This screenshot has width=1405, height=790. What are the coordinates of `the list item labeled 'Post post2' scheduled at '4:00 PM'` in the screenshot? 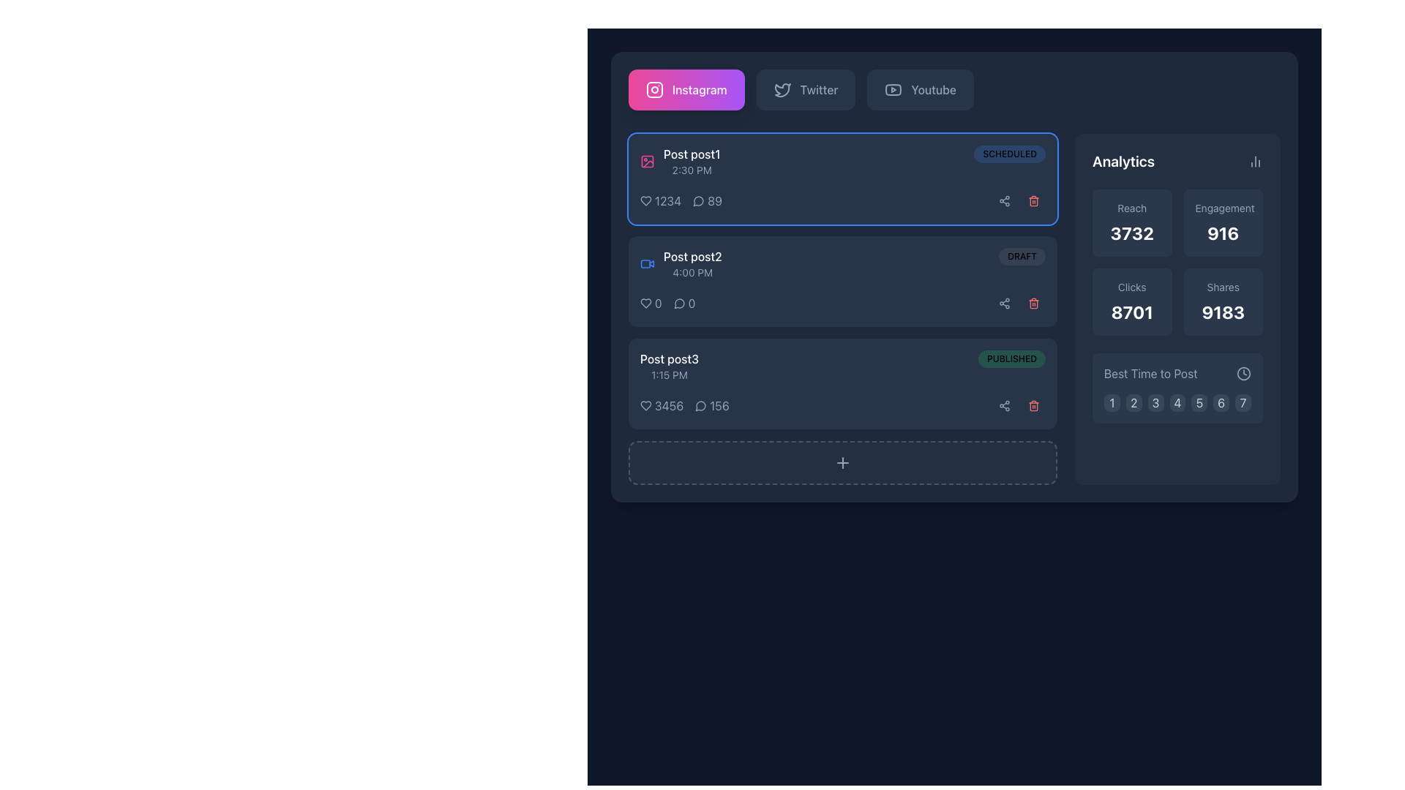 It's located at (680, 264).